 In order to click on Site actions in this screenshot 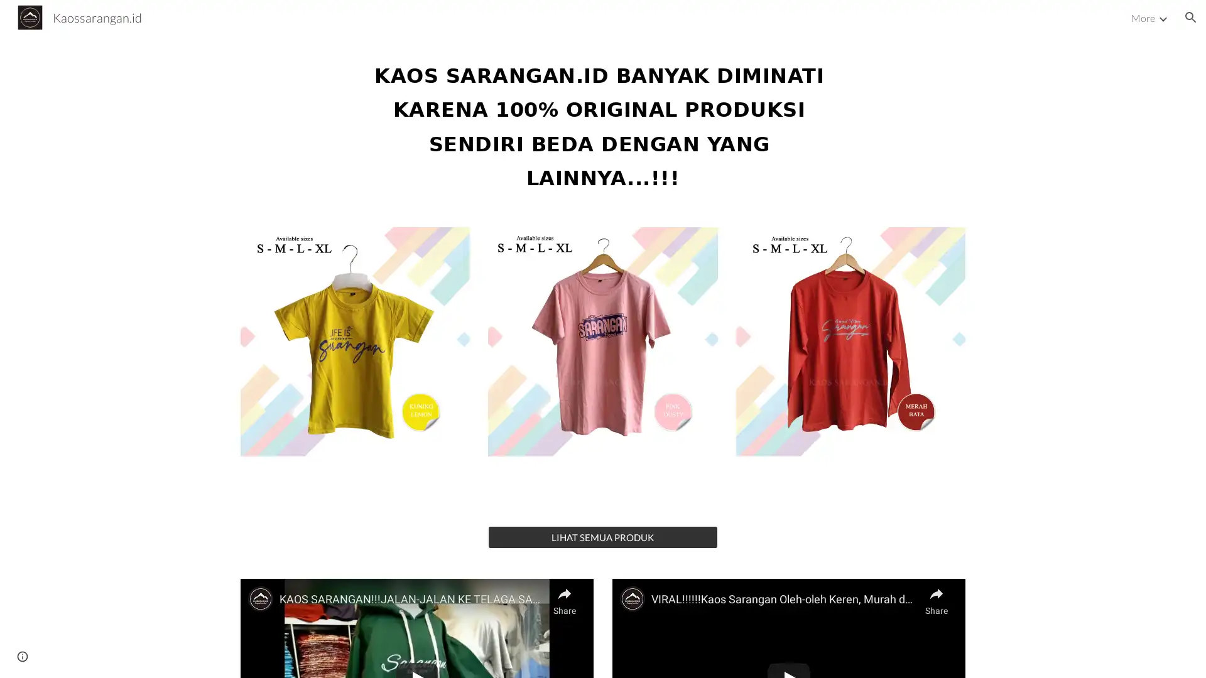, I will do `click(22, 655)`.